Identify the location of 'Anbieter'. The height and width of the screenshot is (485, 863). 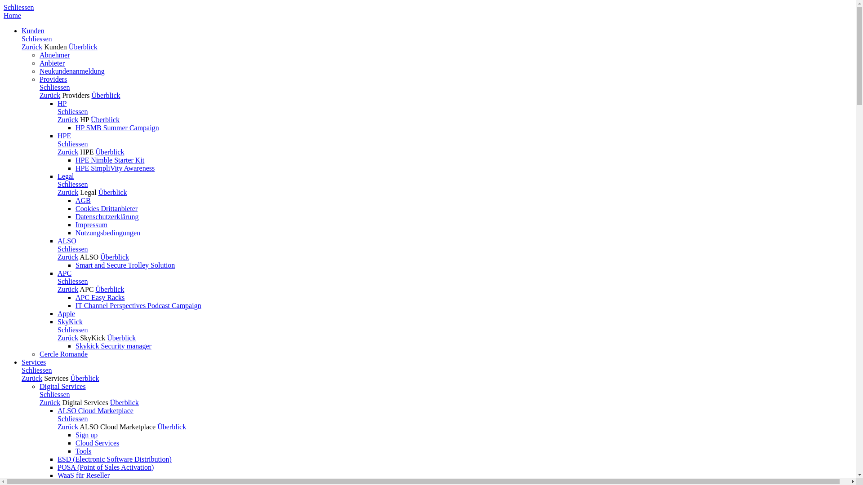
(51, 62).